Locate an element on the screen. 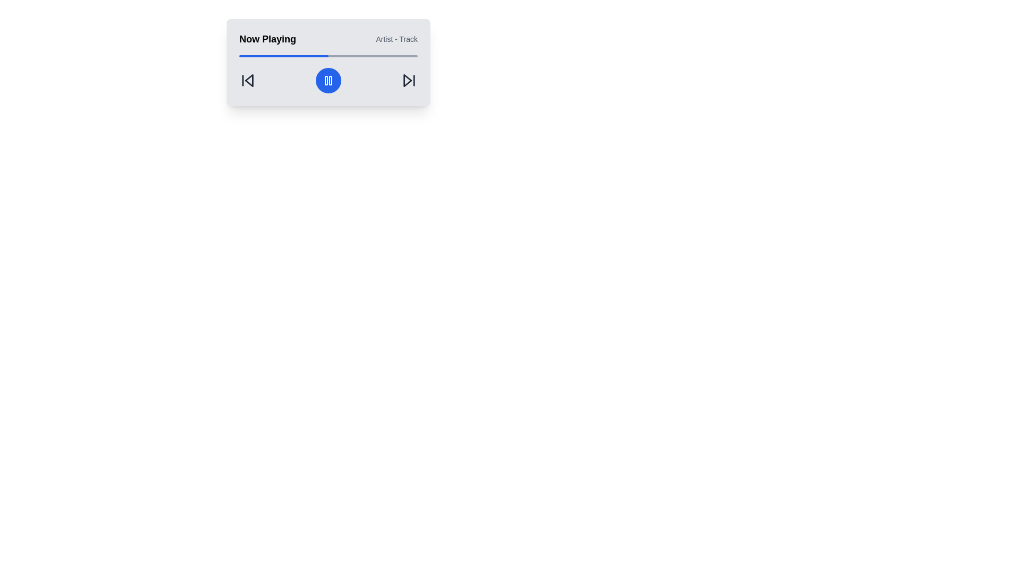 The width and height of the screenshot is (1019, 573). on the triangular icon with a black outline and hollow interior, located in the fourth column of the music control panel is located at coordinates (407, 80).